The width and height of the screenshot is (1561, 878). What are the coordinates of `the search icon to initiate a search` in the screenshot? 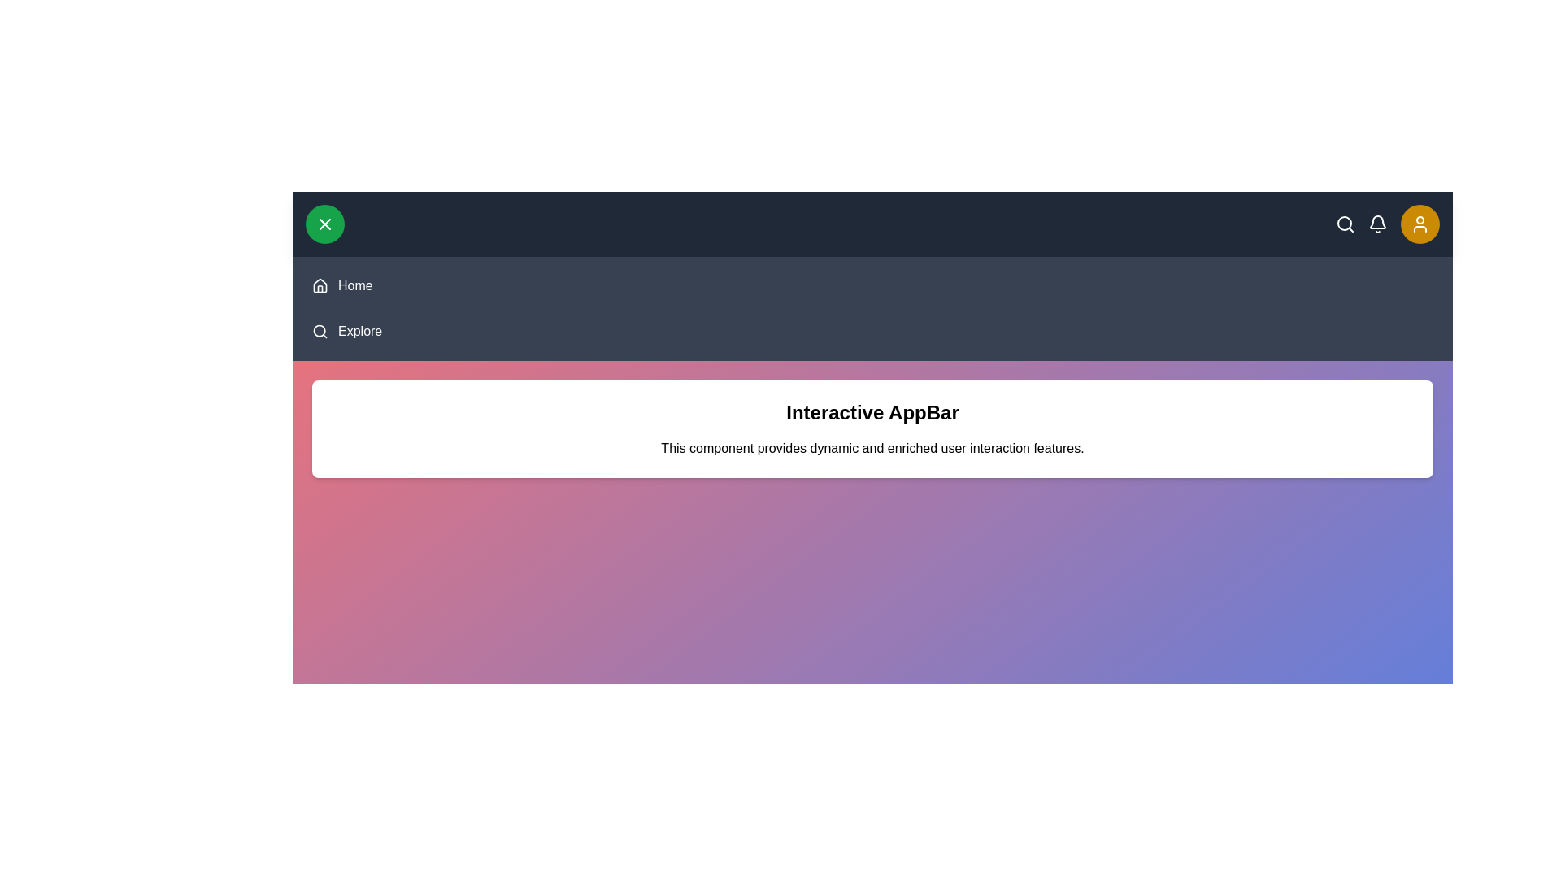 It's located at (1346, 224).